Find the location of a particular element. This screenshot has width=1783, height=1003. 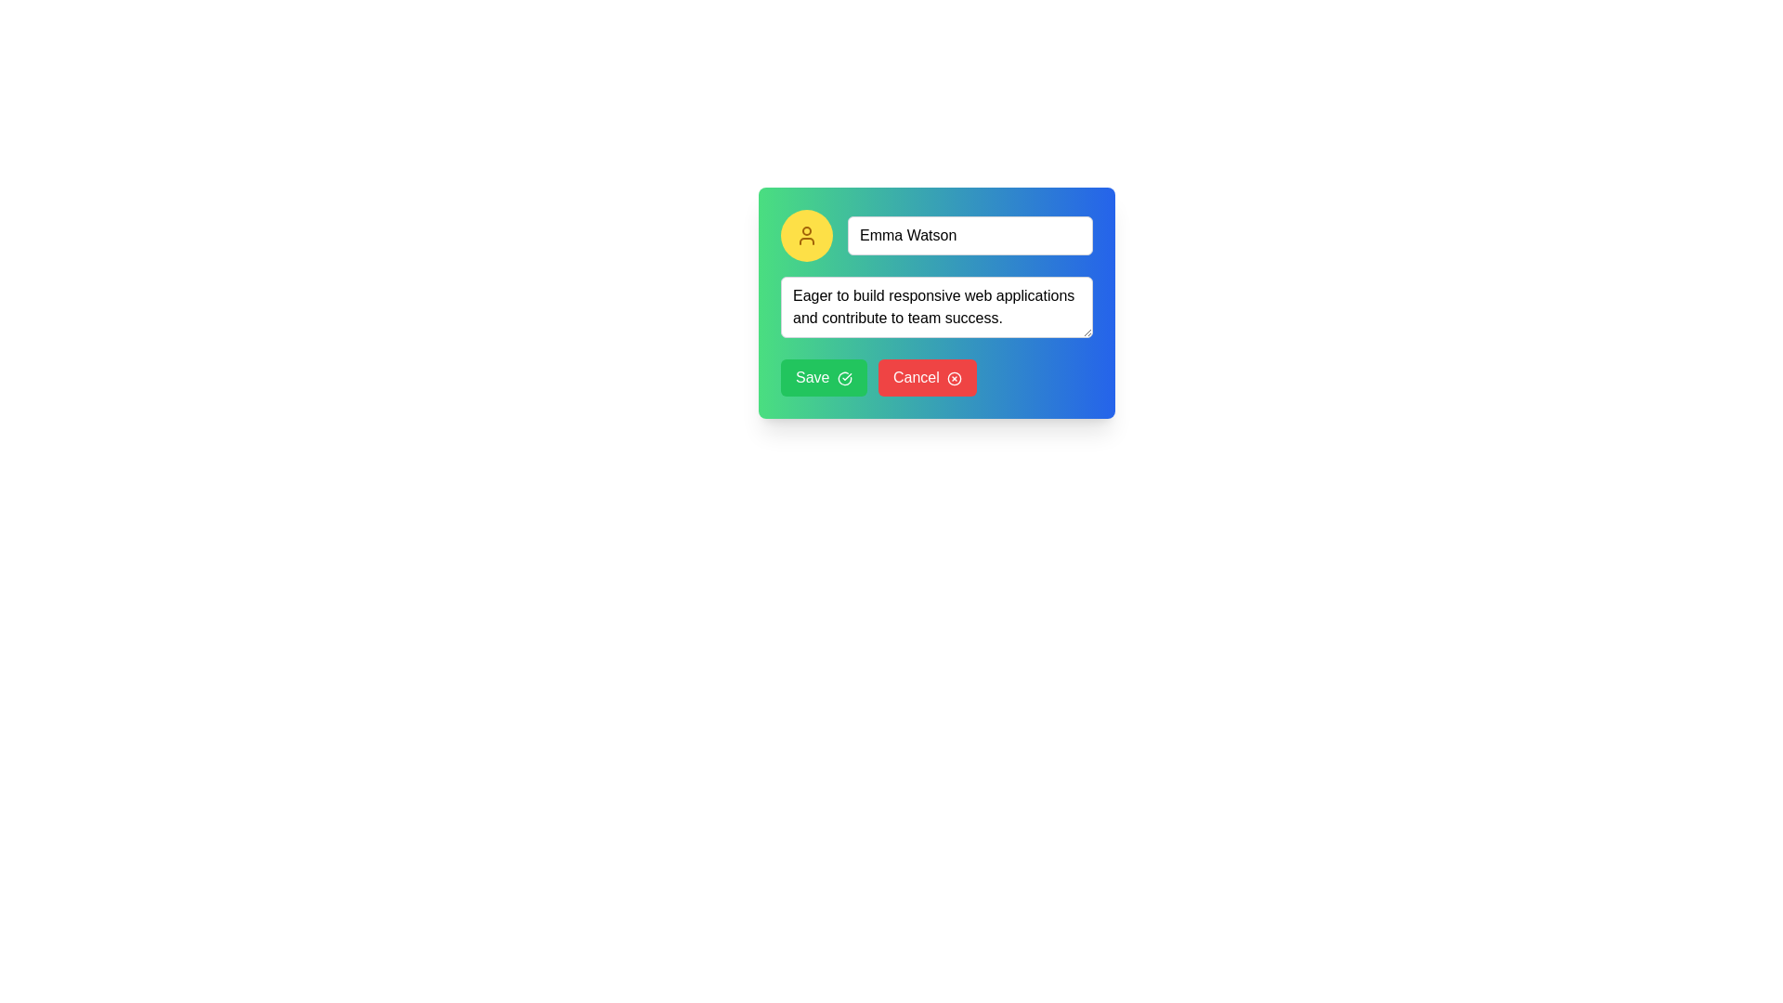

the red 'Cancel' button with a rounded rectangular shape, which displays the text 'Cancel' and an 'X' icon is located at coordinates (927, 377).